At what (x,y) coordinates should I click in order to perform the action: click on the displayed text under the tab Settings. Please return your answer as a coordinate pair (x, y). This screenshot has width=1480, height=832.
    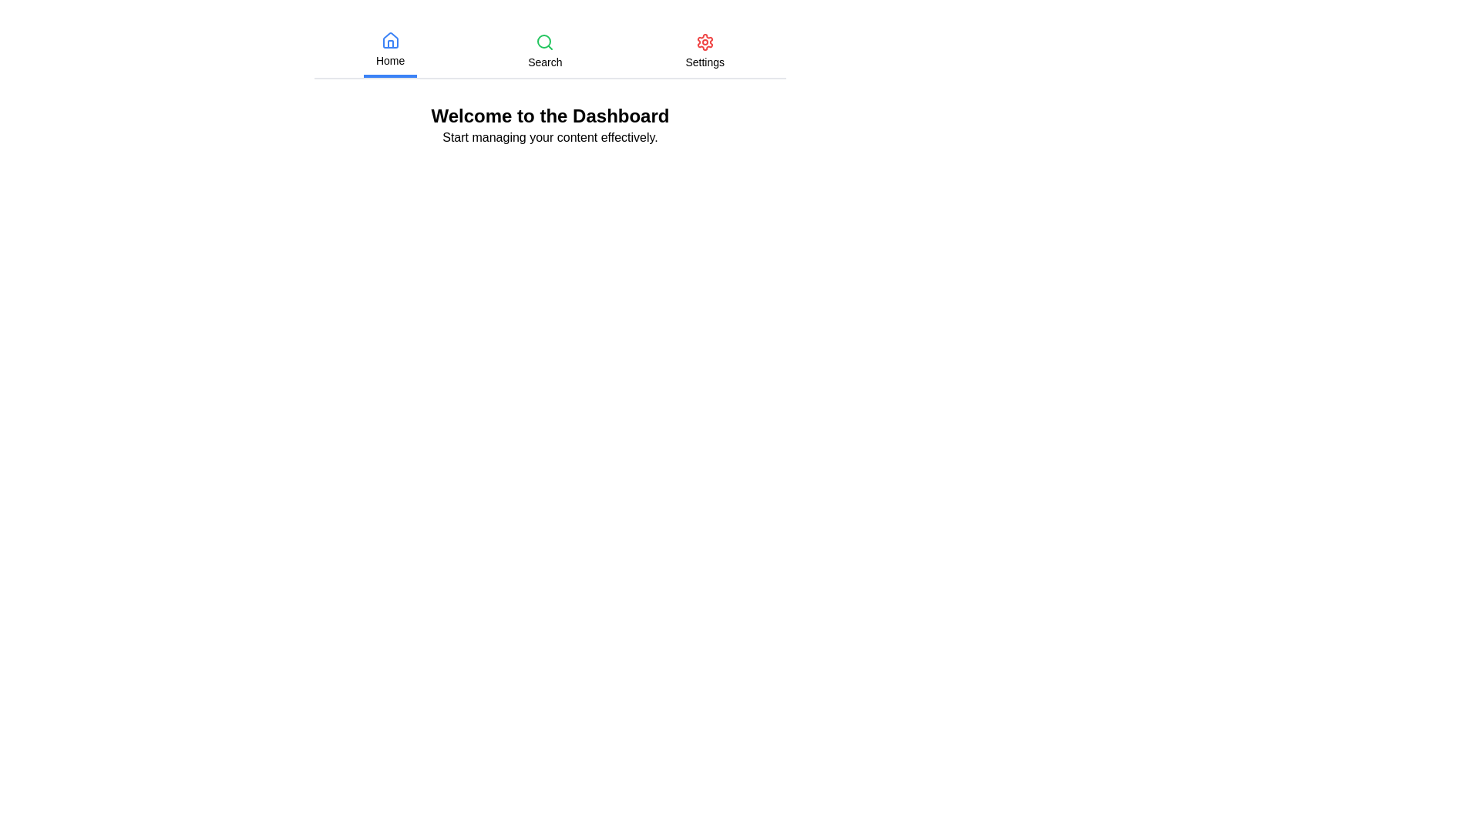
    Looking at the image, I should click on (703, 62).